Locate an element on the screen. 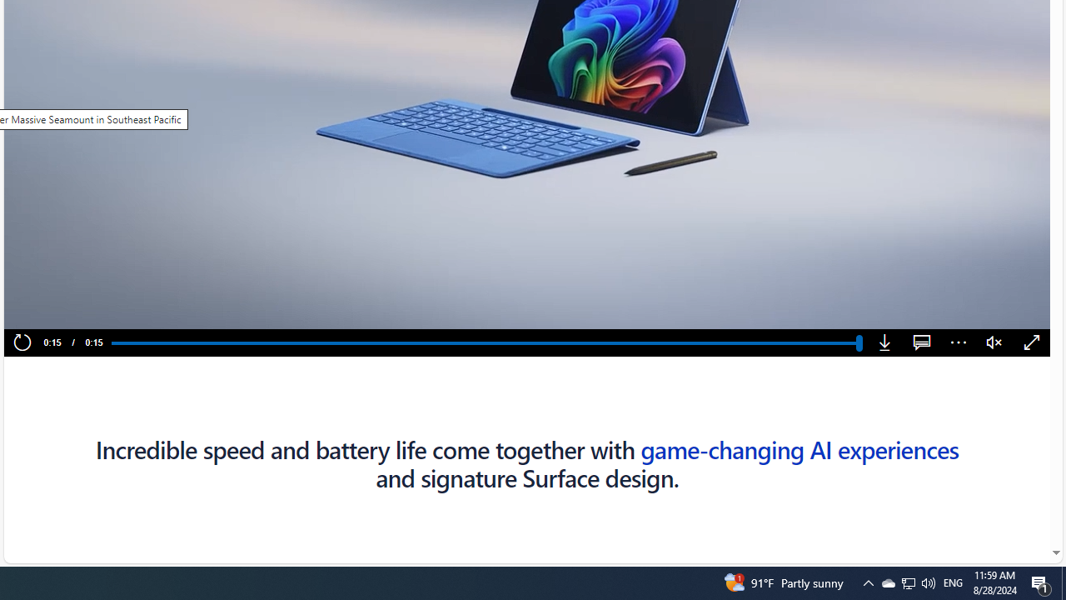 Image resolution: width=1066 pixels, height=600 pixels. 'Fullscreen' is located at coordinates (1031, 342).